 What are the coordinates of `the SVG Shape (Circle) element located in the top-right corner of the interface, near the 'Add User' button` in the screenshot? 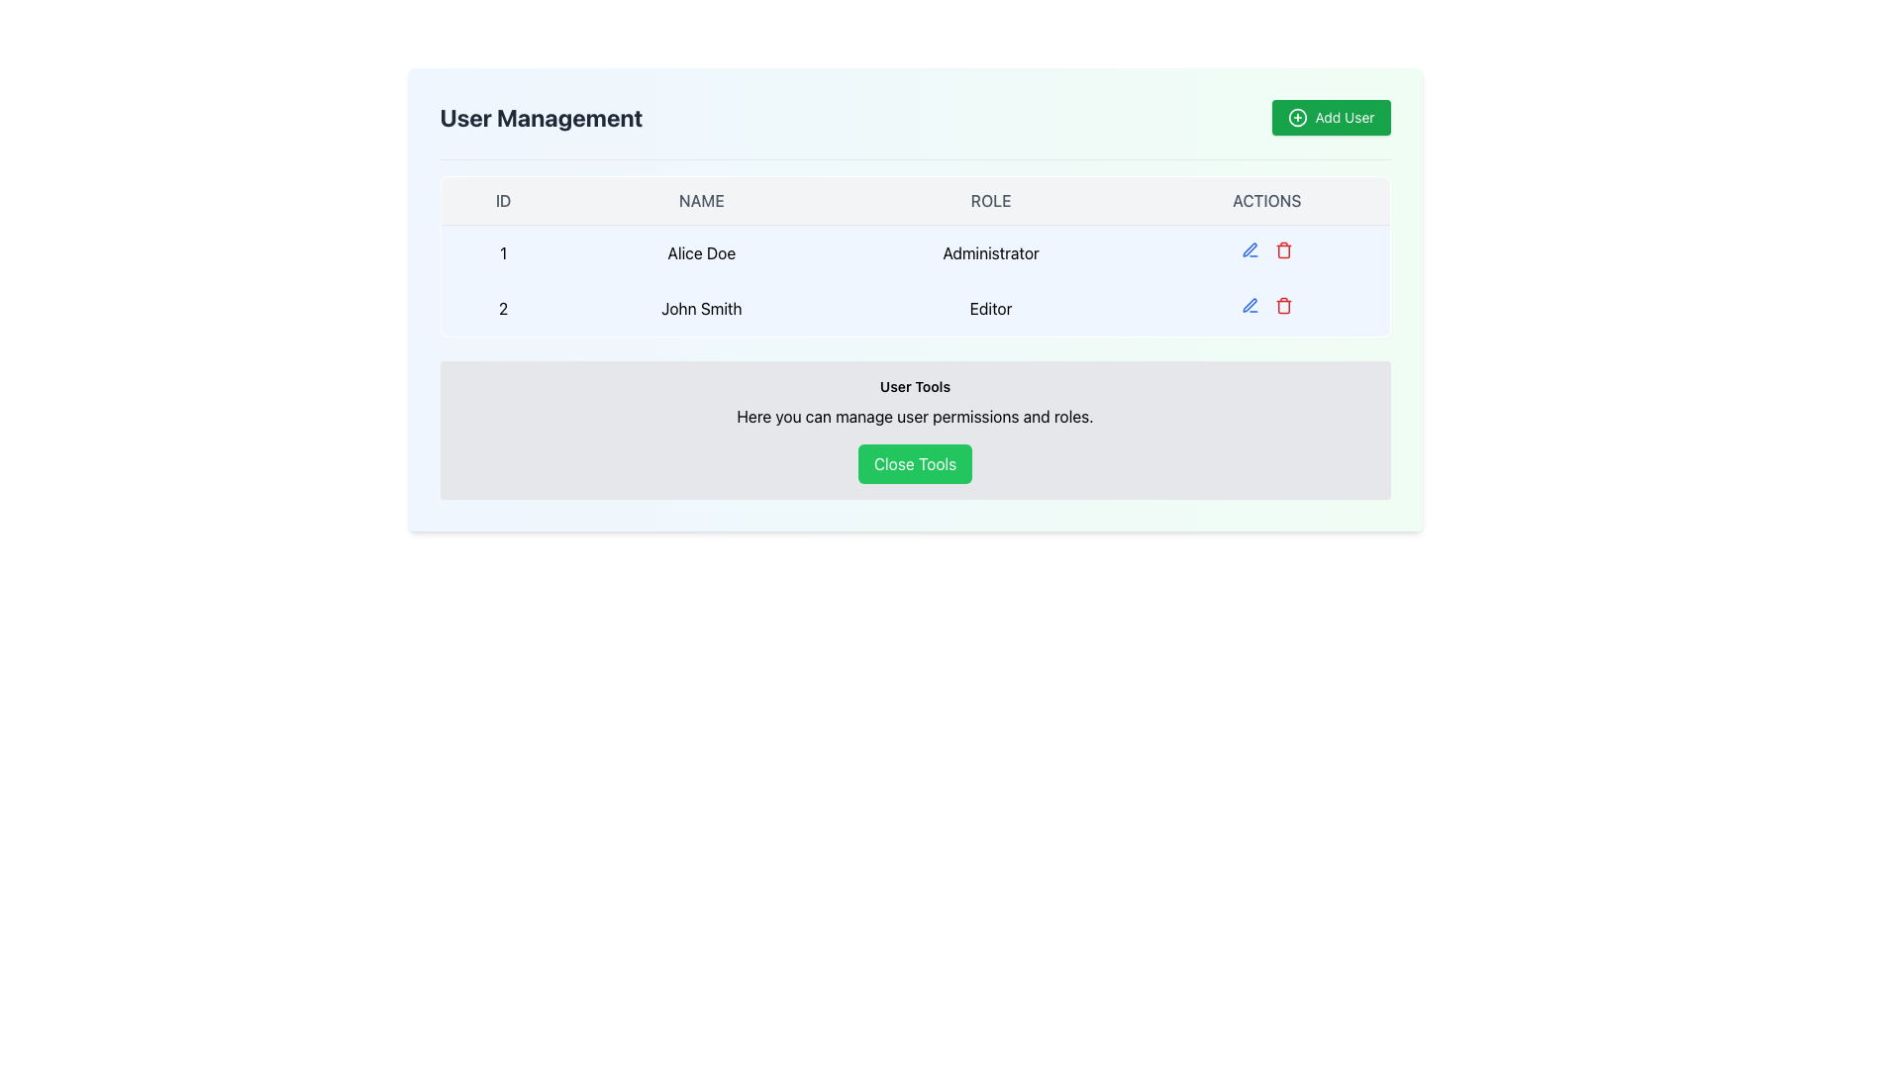 It's located at (1297, 118).